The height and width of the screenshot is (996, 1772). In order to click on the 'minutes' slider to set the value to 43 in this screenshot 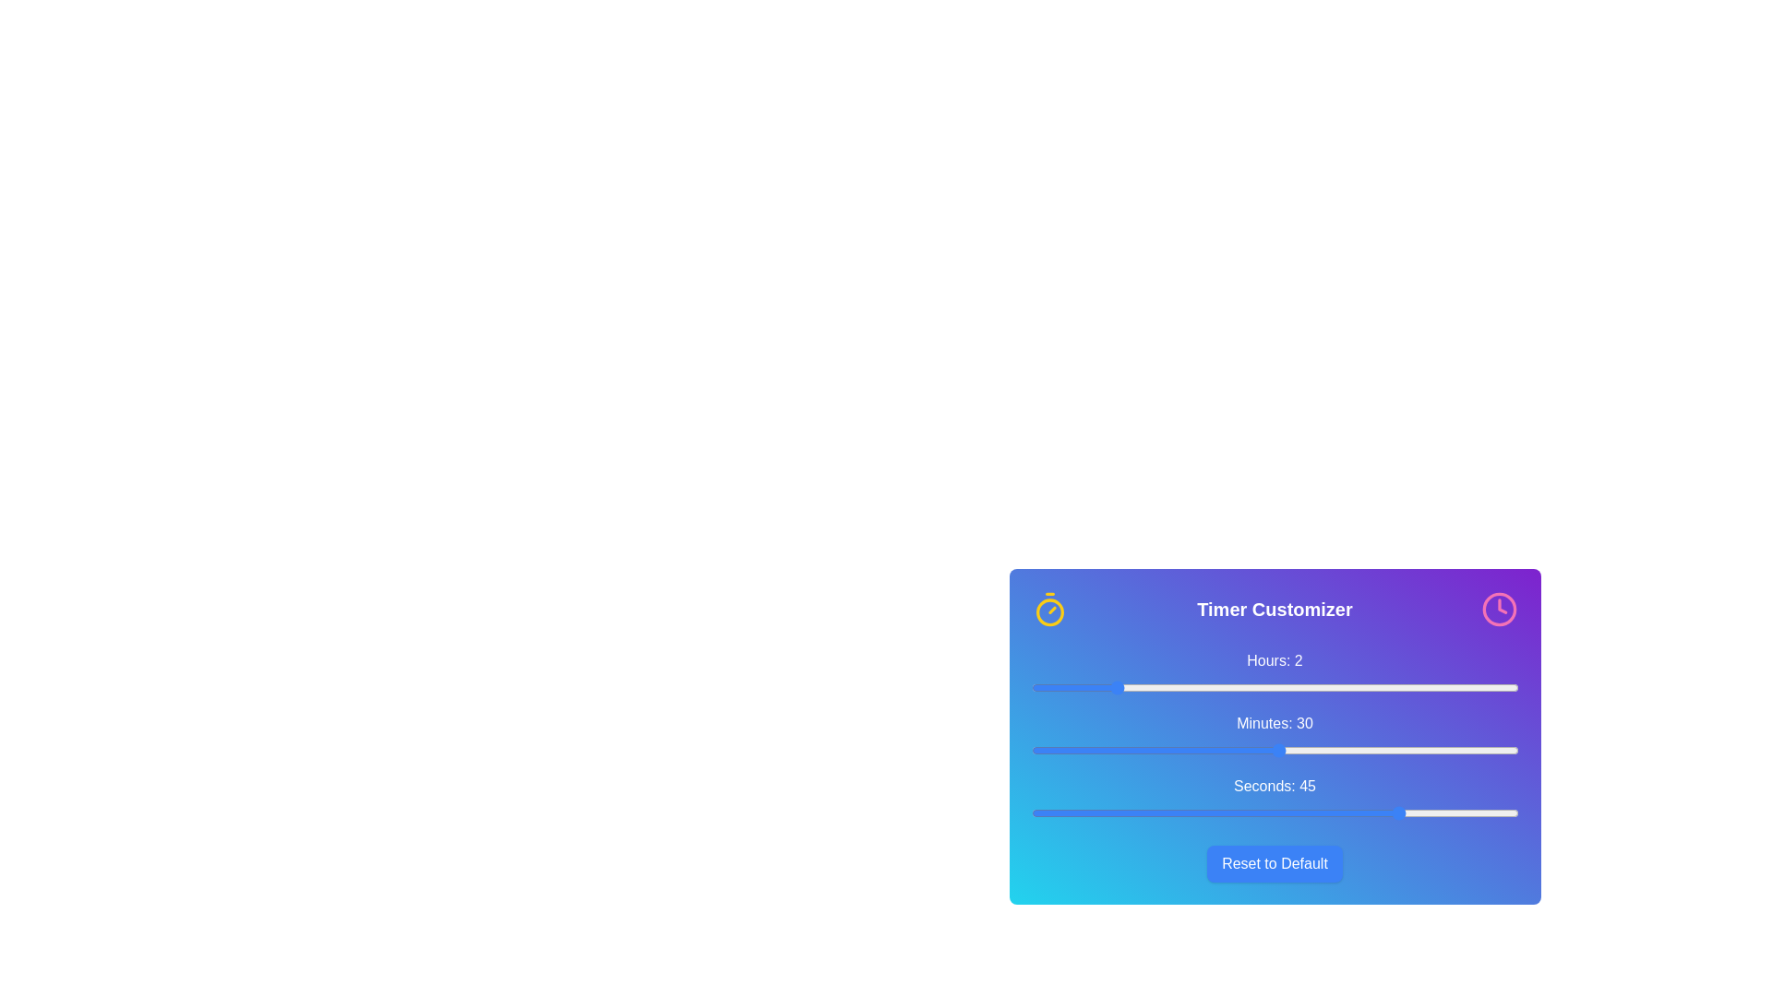, I will do `click(1386, 750)`.